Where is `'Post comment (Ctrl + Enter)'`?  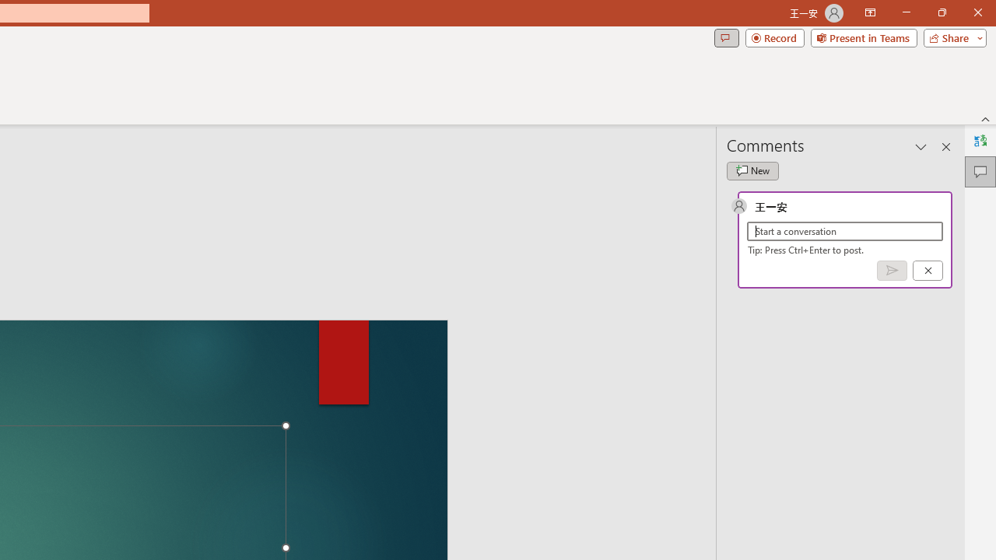
'Post comment (Ctrl + Enter)' is located at coordinates (892, 269).